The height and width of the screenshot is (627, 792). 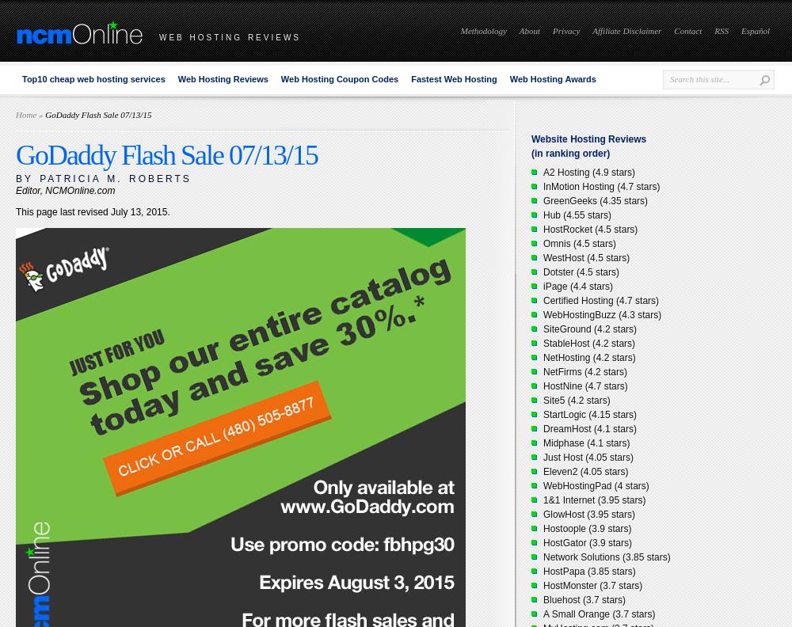 I want to click on 'SiteGround (4.2 stars)', so click(x=589, y=329).